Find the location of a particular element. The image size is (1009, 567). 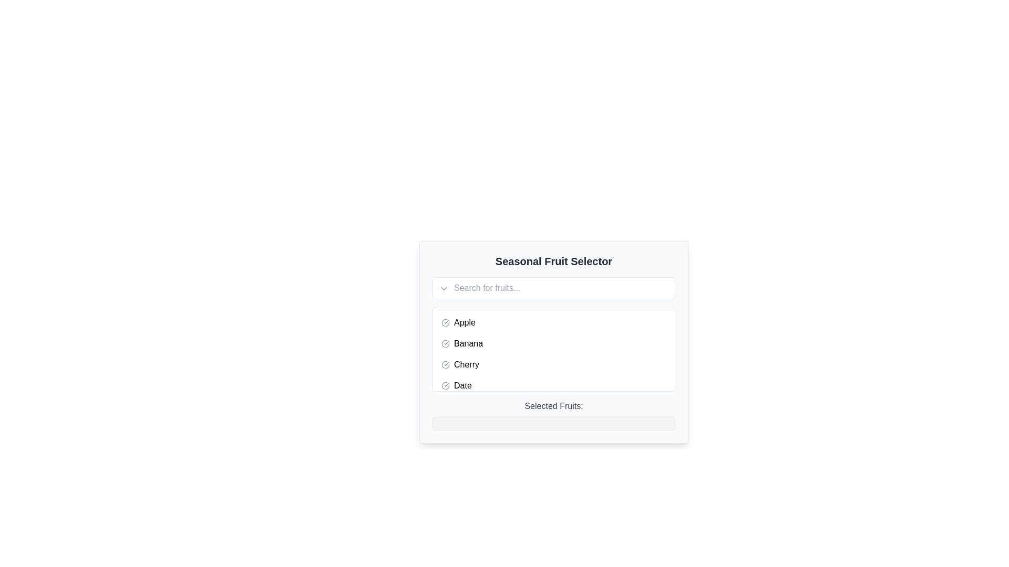

on the fourth selectable item in the list under the 'Seasonal Fruit Selector' search box is located at coordinates (553, 386).